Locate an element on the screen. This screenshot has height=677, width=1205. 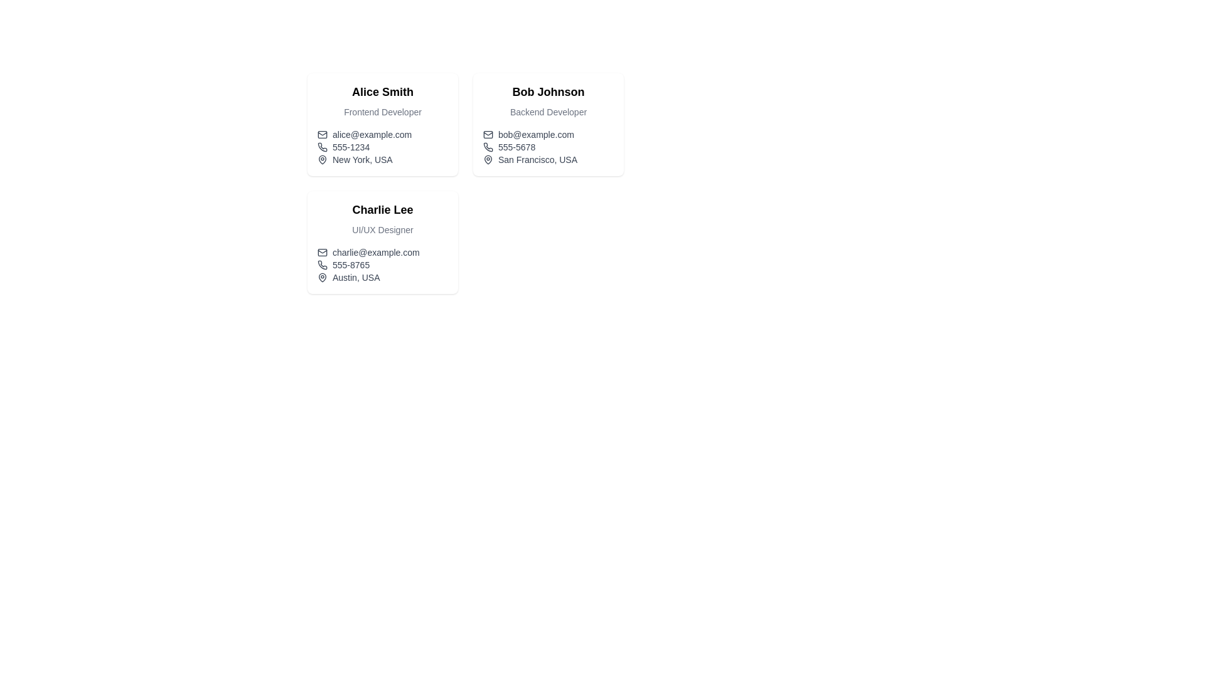
the Profile Card for Charlie Lee, which is a rectangular card showcasing their role as a UI/UX Designer, located at the specified coordinates is located at coordinates (382, 242).